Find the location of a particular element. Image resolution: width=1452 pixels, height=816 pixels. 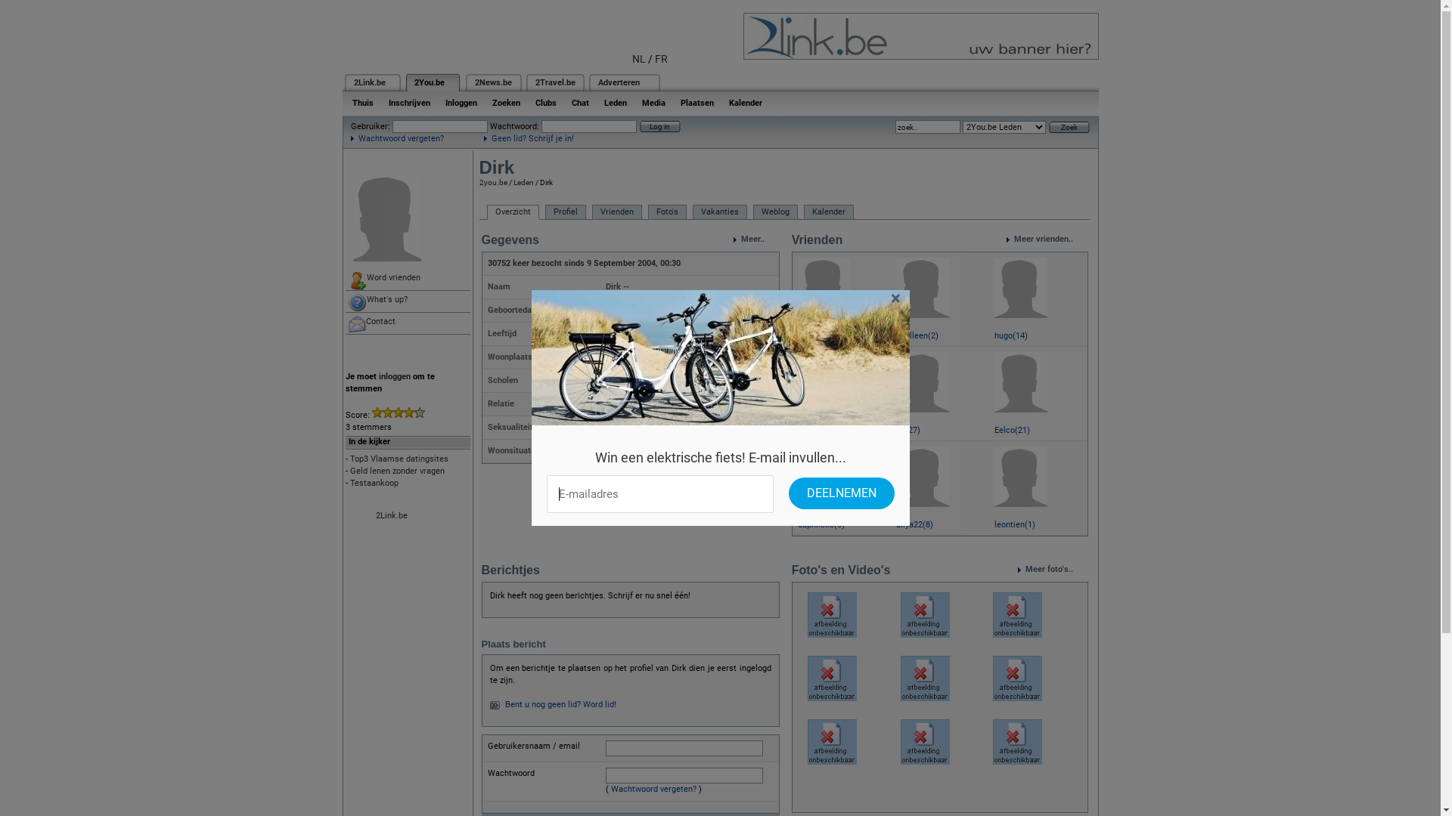

'Contact' is located at coordinates (344, 323).